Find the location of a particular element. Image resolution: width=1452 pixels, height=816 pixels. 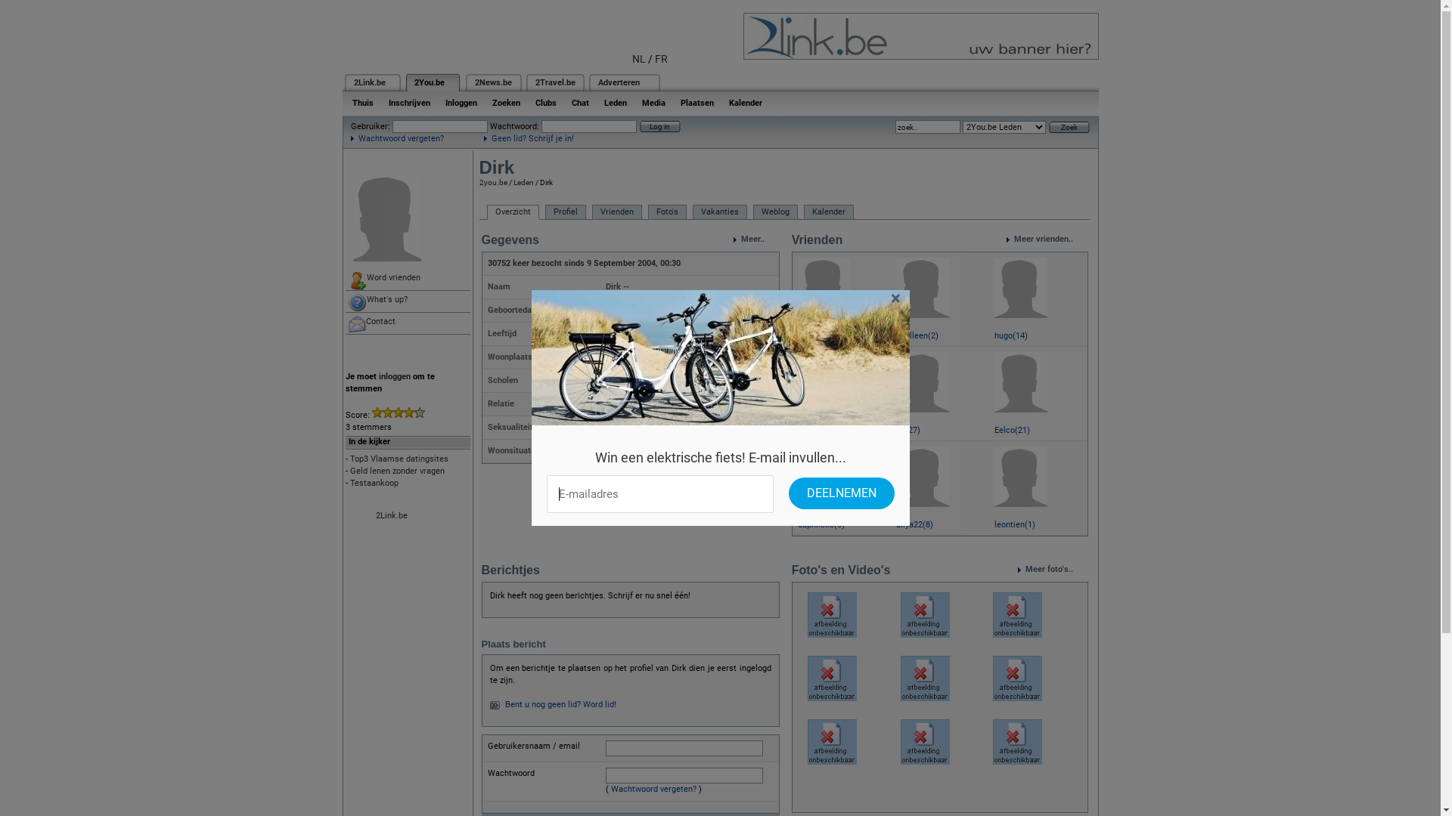

'Contact' is located at coordinates (344, 323).